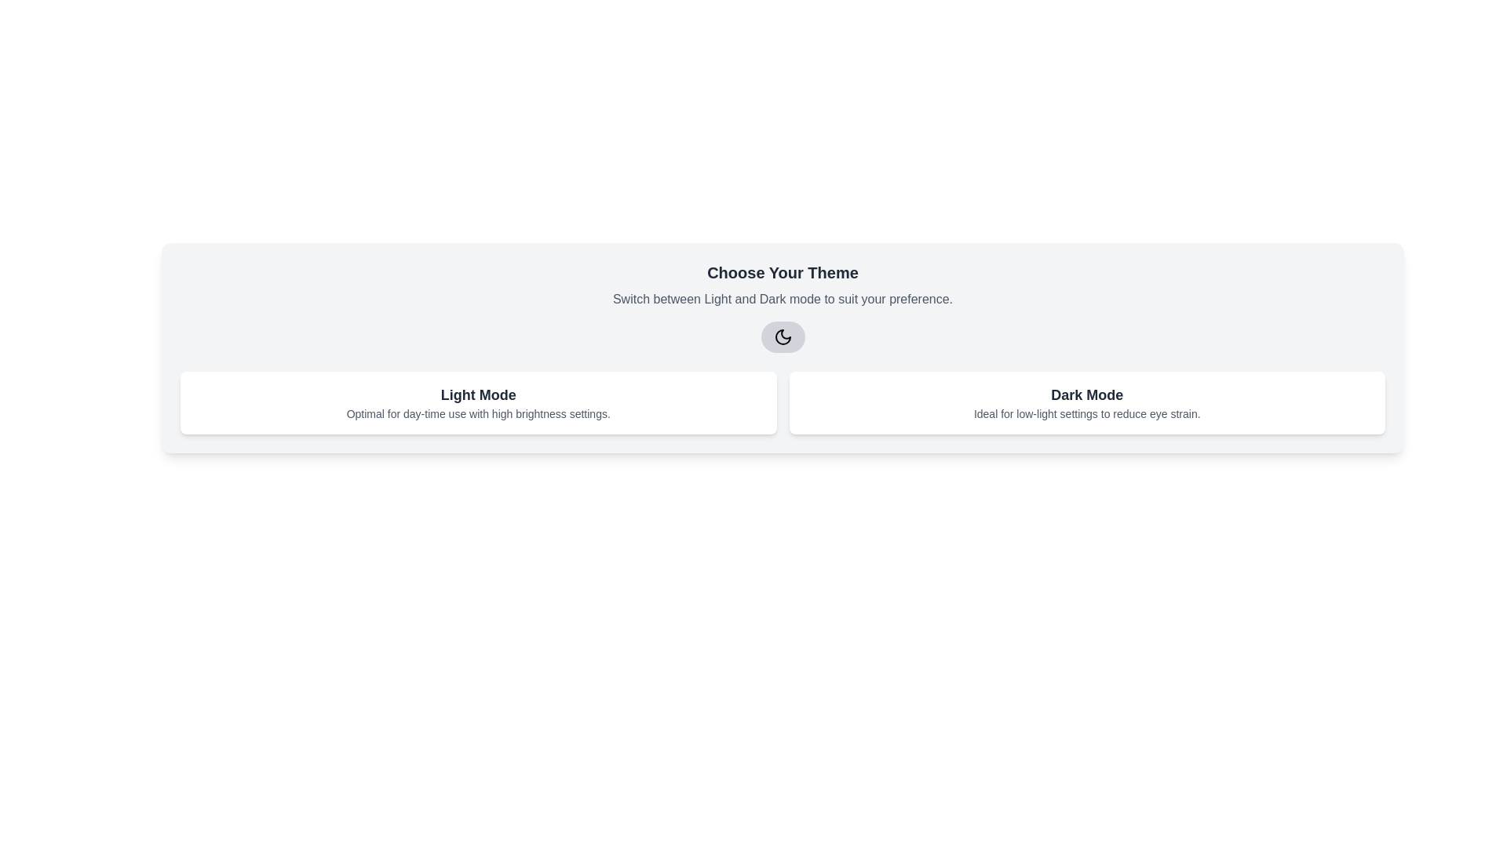  What do you see at coordinates (783, 299) in the screenshot?
I see `the static text that provides context for toggling between light and dark modes, located below the title 'Choose Your Theme'` at bounding box center [783, 299].